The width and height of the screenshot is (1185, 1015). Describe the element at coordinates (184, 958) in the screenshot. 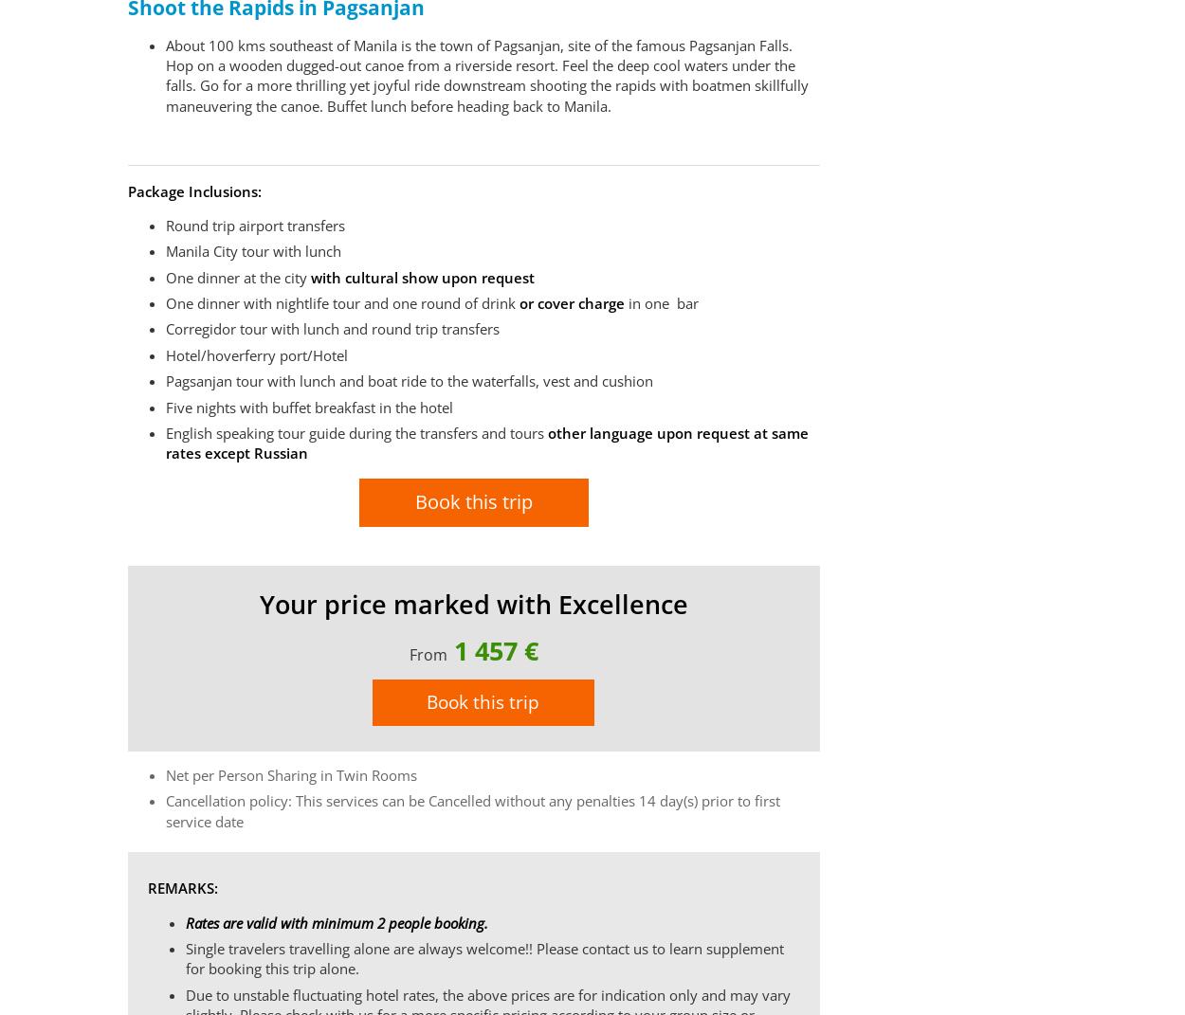

I see `'Single travelers travelling alone are always welcome!! Please contact us to learn supplement for booking this trip alone.'` at that location.